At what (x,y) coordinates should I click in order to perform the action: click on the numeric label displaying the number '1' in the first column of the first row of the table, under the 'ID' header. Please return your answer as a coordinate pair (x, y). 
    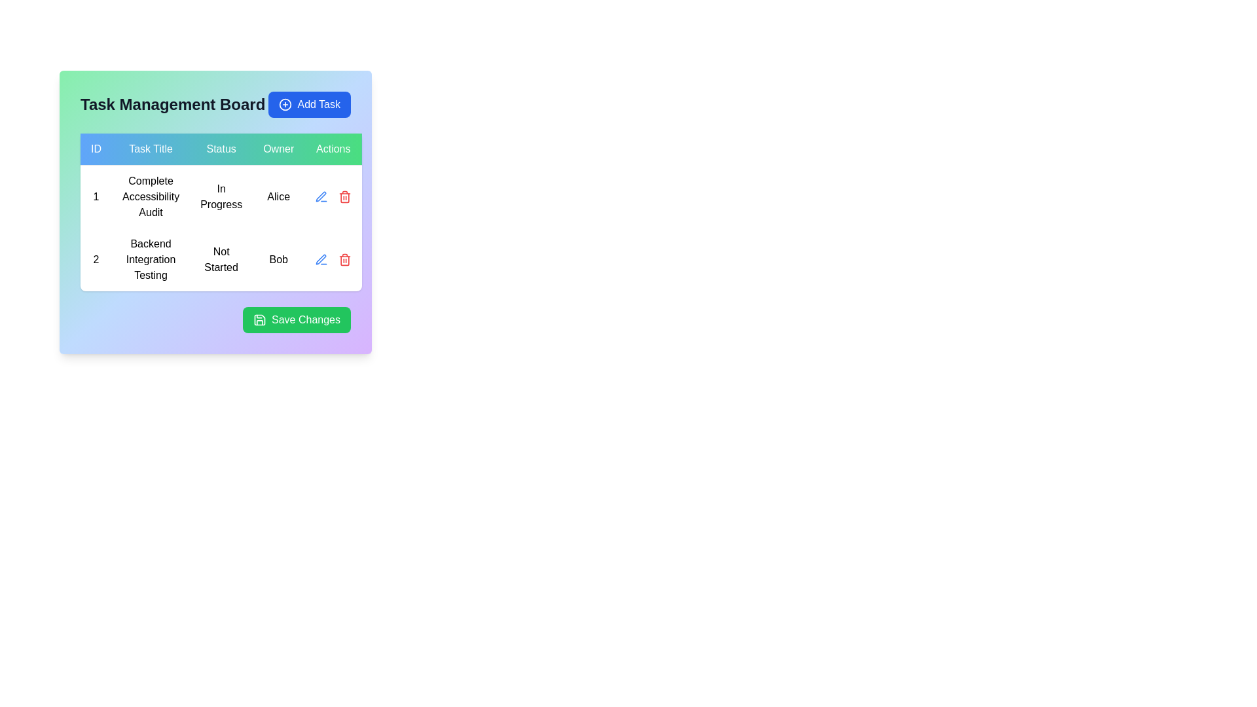
    Looking at the image, I should click on (96, 196).